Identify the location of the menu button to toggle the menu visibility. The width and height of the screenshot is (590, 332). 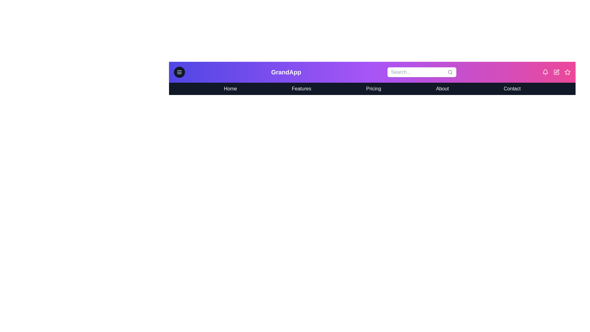
(179, 72).